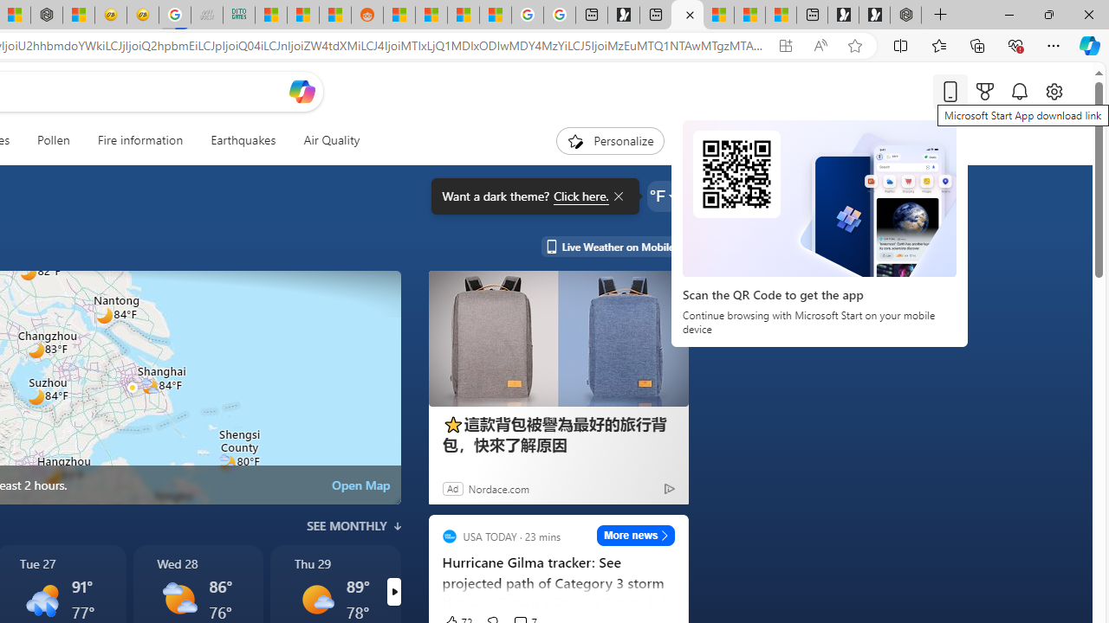 The image size is (1109, 623). I want to click on 'Switch right', so click(392, 591).